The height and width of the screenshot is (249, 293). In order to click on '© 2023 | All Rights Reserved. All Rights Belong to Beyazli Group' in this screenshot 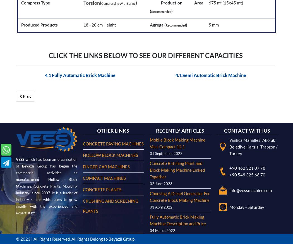, I will do `click(75, 59)`.